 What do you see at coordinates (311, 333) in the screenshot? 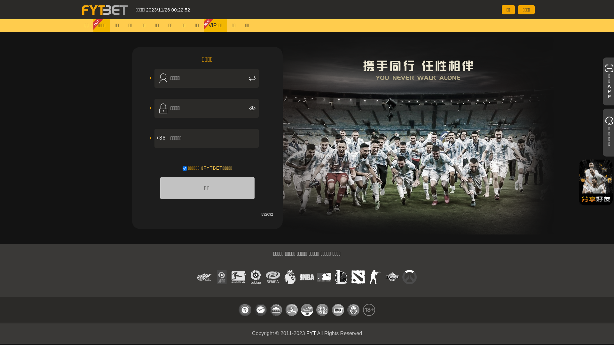
I see `'FYT'` at bounding box center [311, 333].